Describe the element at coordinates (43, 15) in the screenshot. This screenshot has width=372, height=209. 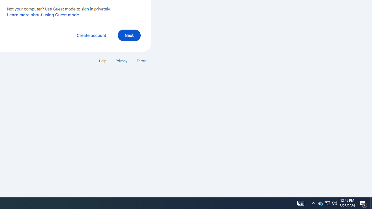
I see `'Learn more about using Guest mode'` at that location.